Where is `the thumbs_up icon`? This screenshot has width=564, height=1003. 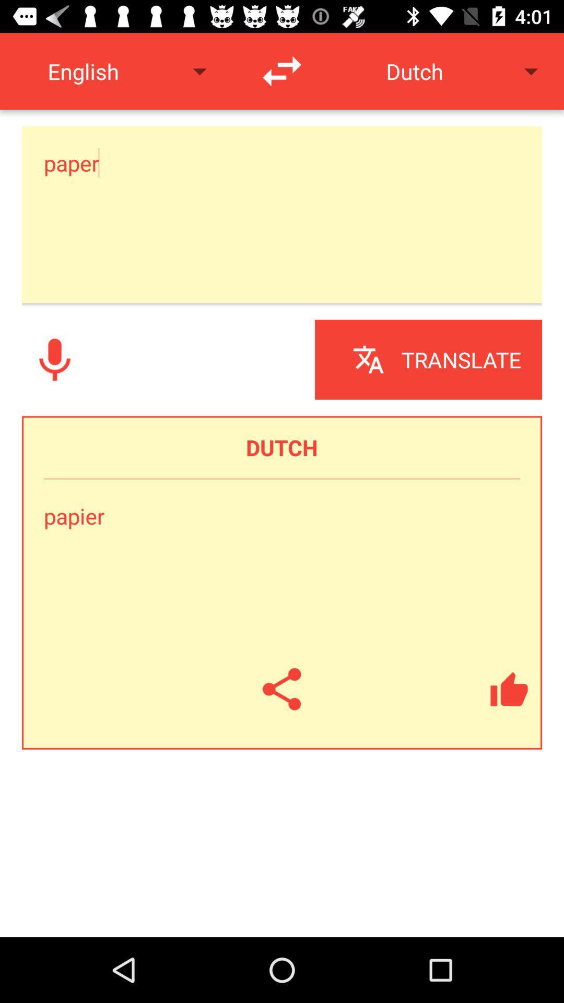
the thumbs_up icon is located at coordinates (509, 689).